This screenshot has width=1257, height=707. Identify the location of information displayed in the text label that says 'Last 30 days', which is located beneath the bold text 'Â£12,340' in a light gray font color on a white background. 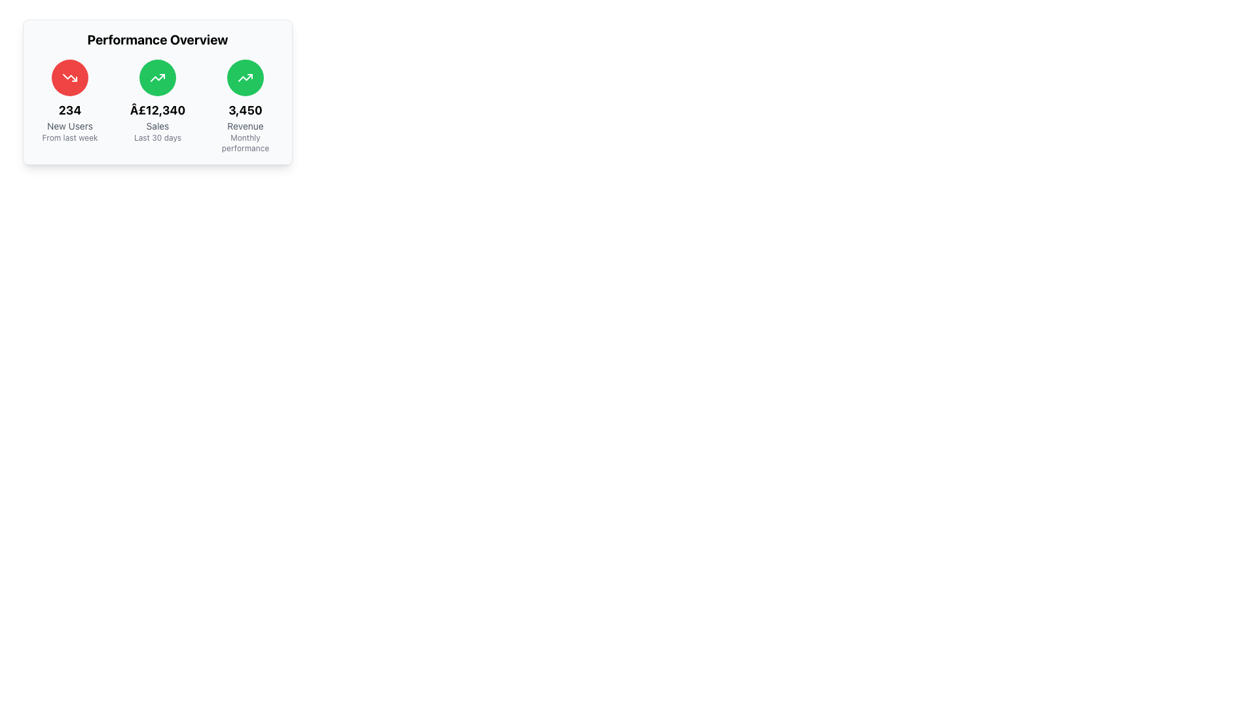
(157, 138).